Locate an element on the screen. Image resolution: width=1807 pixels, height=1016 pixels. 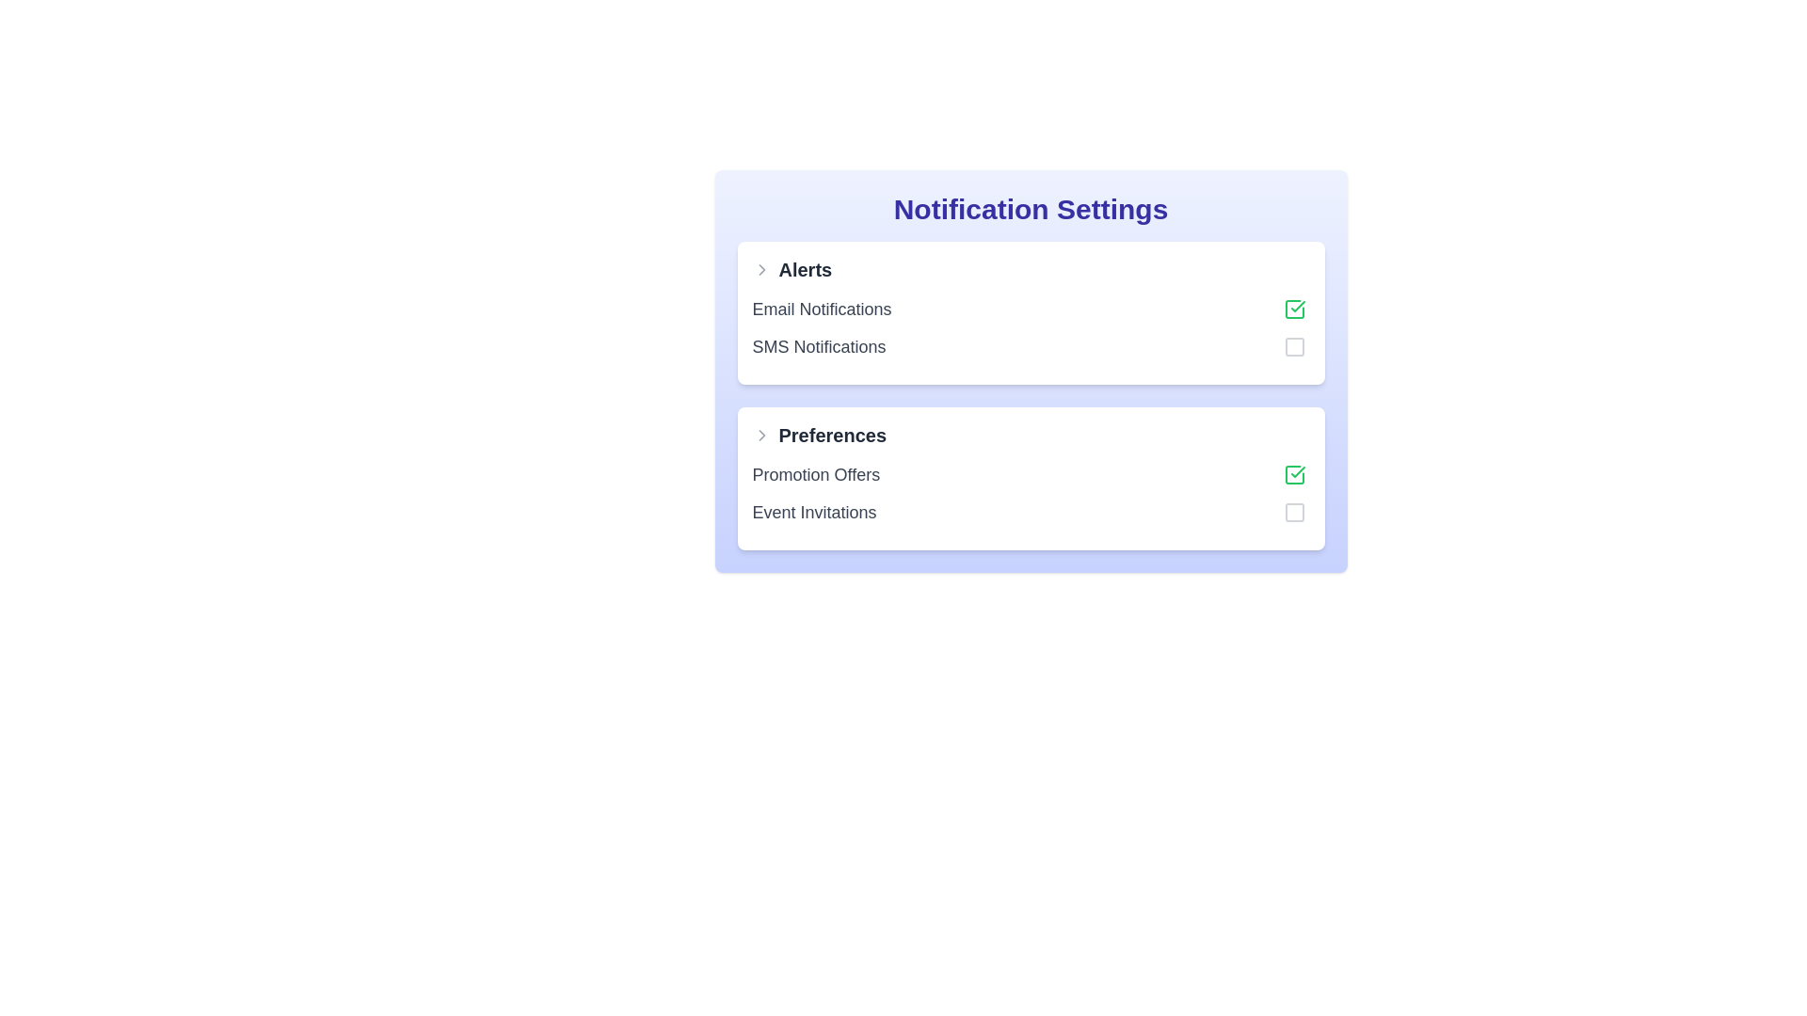
the Checkbox icon in the 'Preferences' section of the 'Notification Settings', which visually represents an inactive toggle or checkbox below 'Promotion Offers' and to the right of 'Event Invitations' is located at coordinates (1293, 512).